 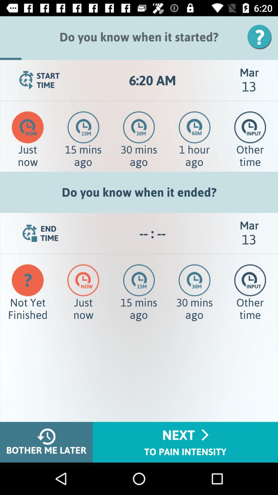 I want to click on the help icon, so click(x=261, y=37).